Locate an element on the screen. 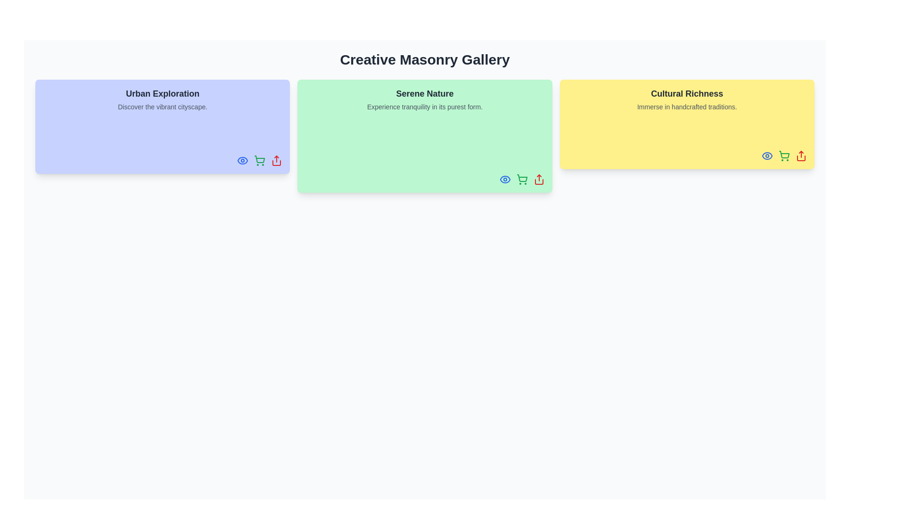  the interactive button located in the bottom-right corner of the 'Urban Exploration' card is located at coordinates (260, 160).